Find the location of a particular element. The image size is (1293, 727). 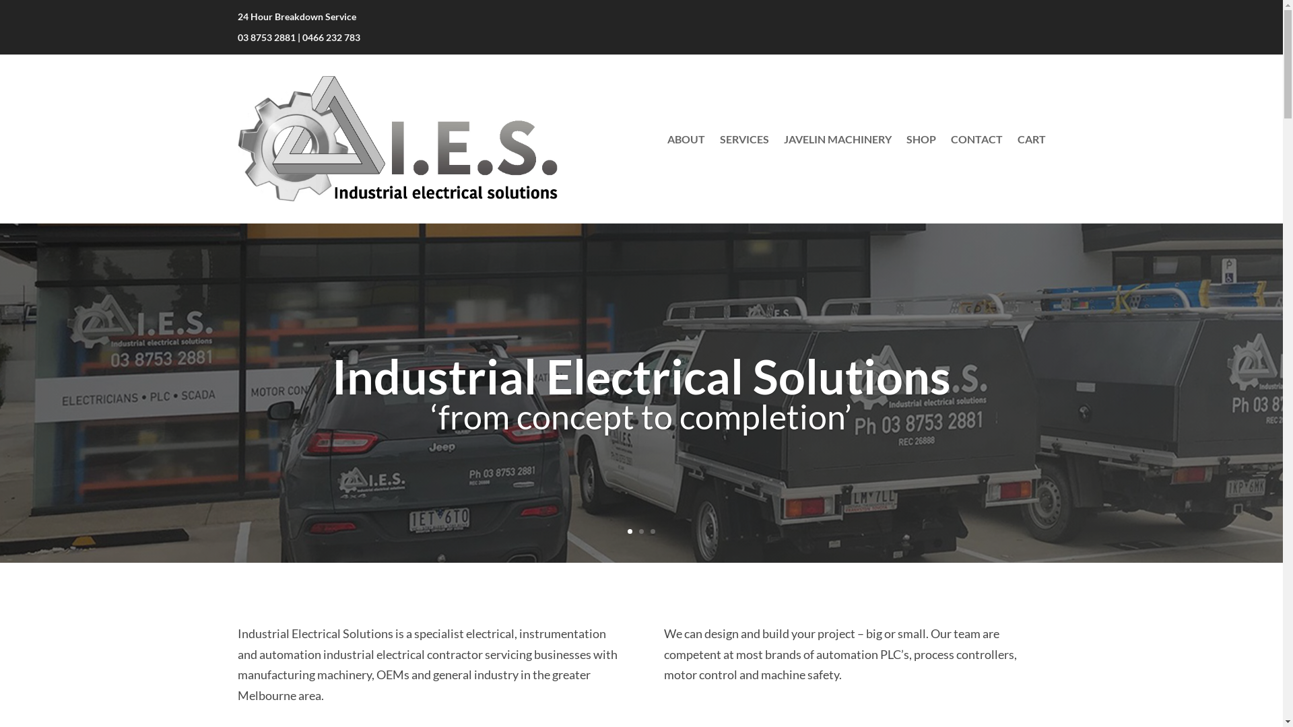

'2' is located at coordinates (640, 530).